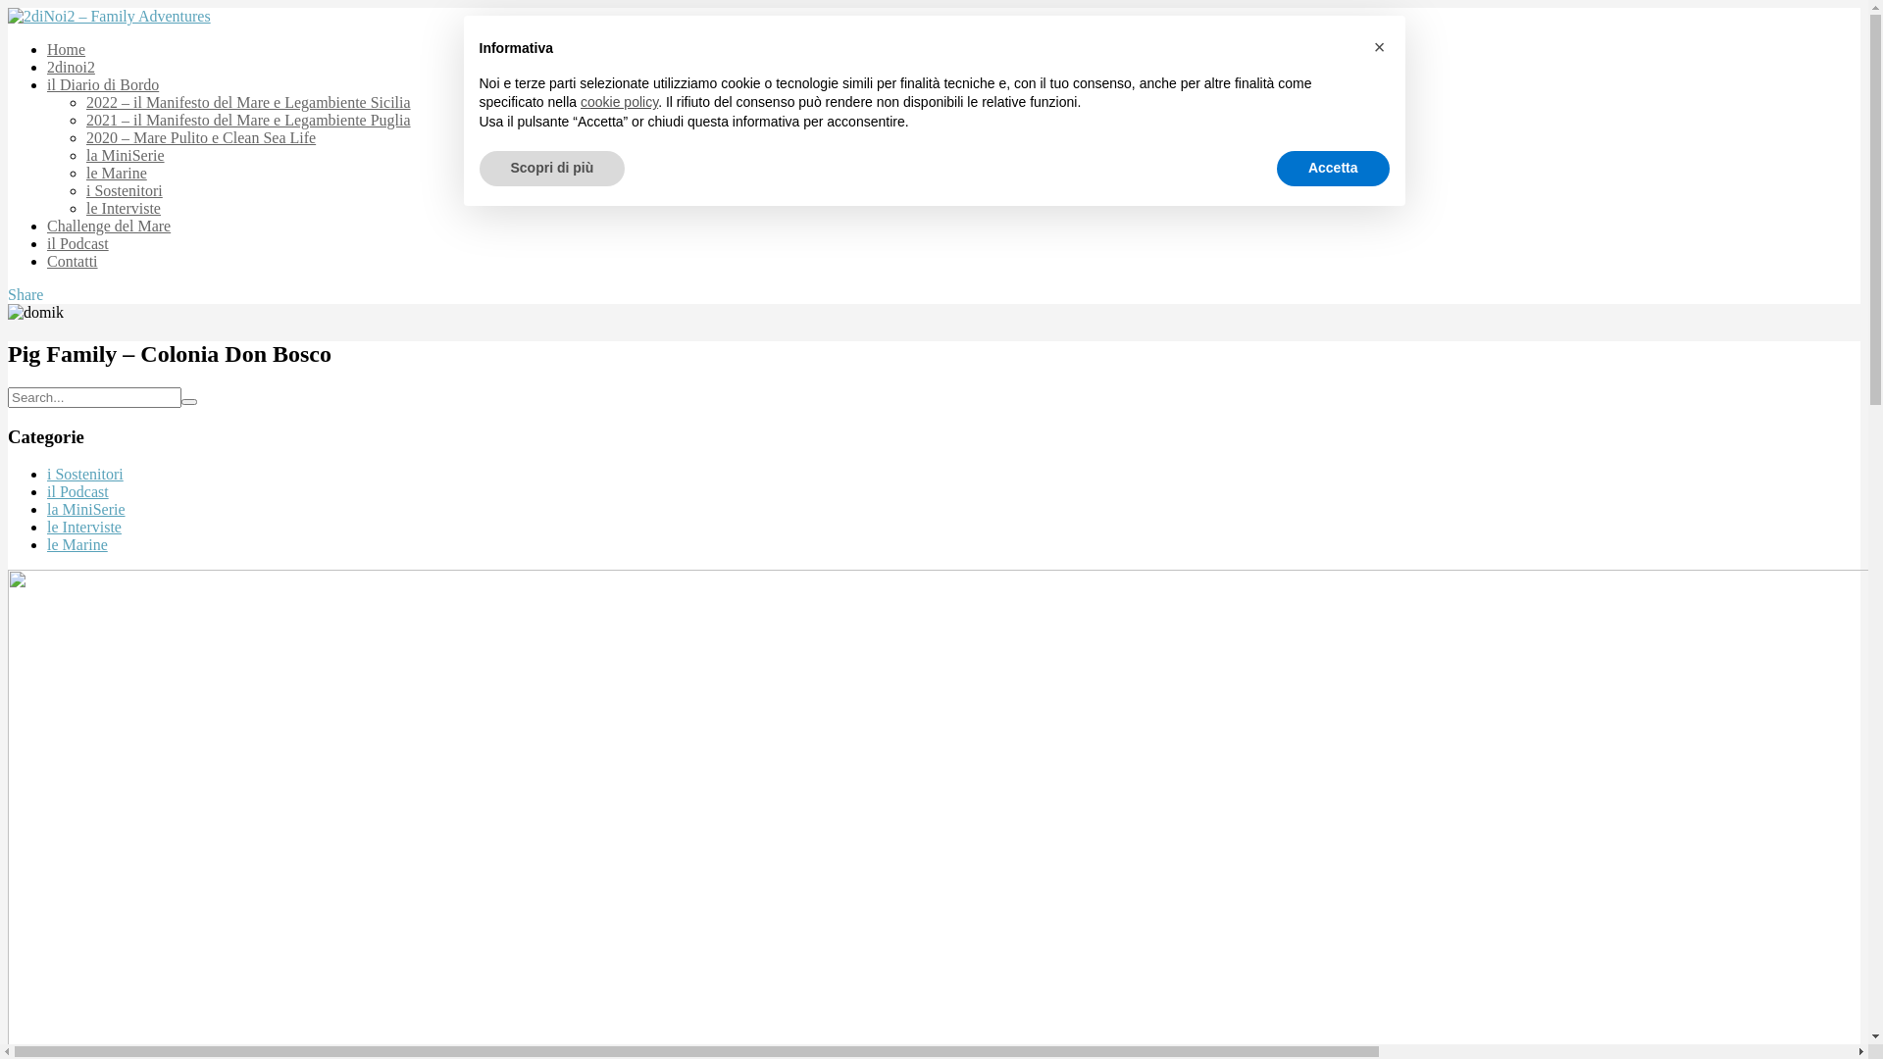  What do you see at coordinates (102, 83) in the screenshot?
I see `'il Diario di Bordo'` at bounding box center [102, 83].